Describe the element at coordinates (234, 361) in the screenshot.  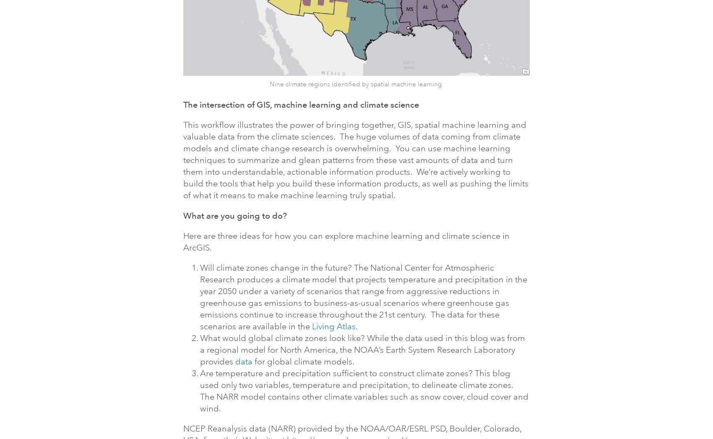
I see `'data'` at that location.